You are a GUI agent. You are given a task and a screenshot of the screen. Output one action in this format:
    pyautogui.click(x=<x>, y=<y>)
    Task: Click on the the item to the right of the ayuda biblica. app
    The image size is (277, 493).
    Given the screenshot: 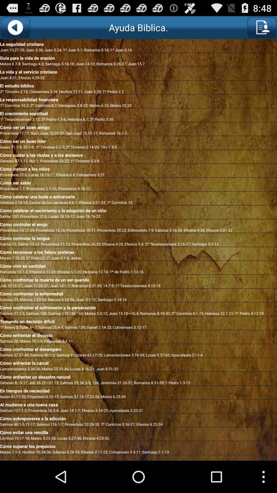 What is the action you would take?
    pyautogui.click(x=262, y=27)
    